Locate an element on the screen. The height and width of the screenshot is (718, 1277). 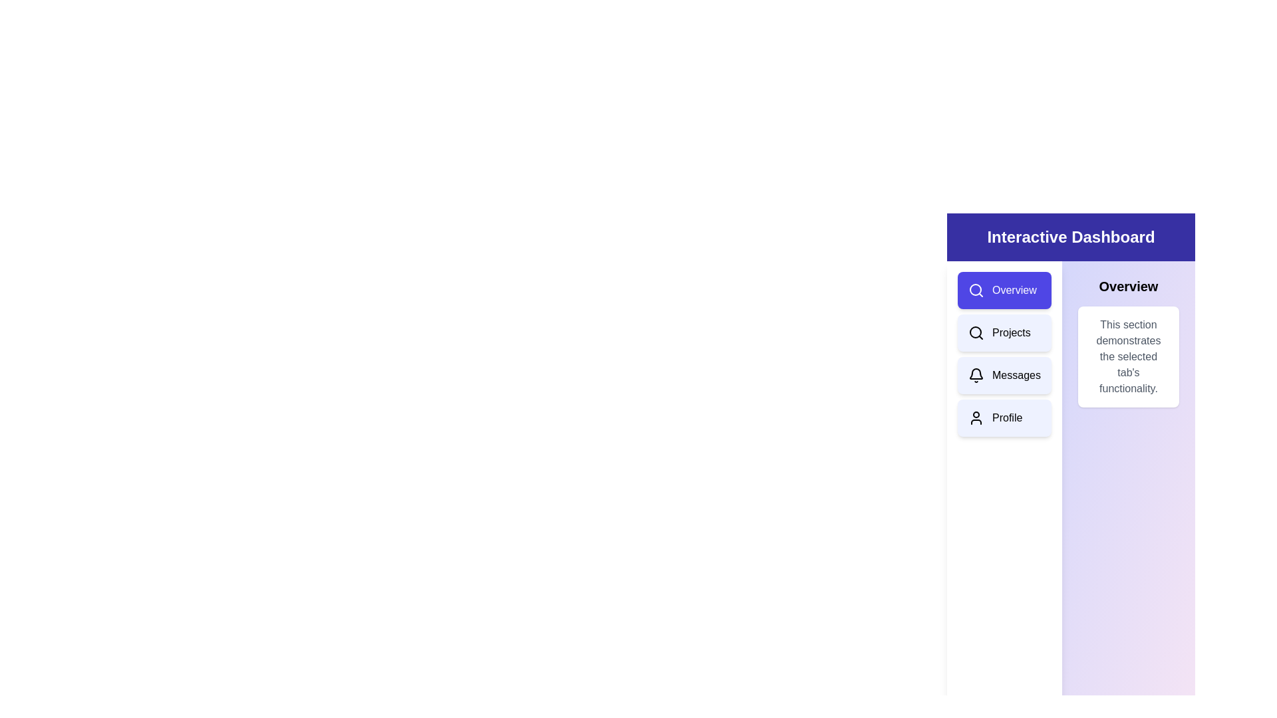
the magnifying glass icon within the 'Projects' button in the vertical navigation panel on the left side of the interface is located at coordinates (976, 332).